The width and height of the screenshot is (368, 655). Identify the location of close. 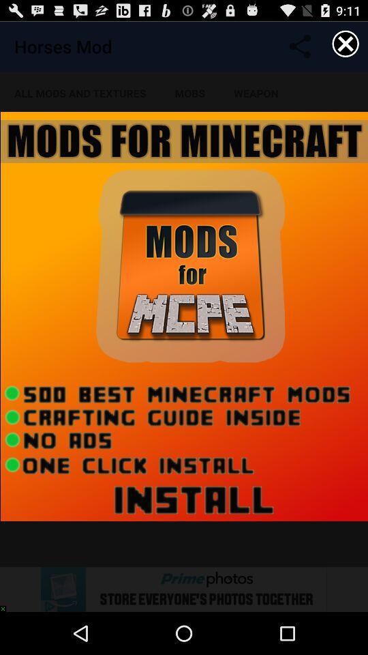
(346, 44).